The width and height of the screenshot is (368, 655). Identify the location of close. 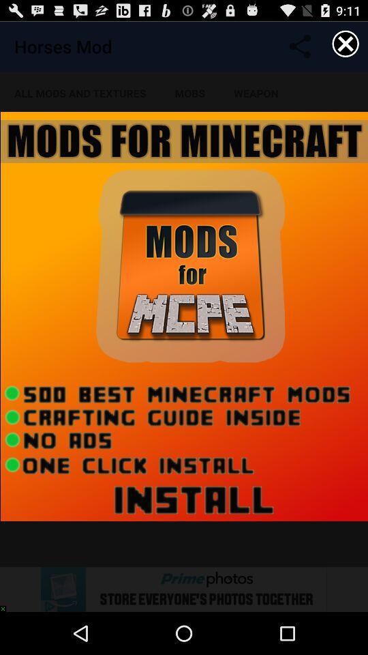
(346, 44).